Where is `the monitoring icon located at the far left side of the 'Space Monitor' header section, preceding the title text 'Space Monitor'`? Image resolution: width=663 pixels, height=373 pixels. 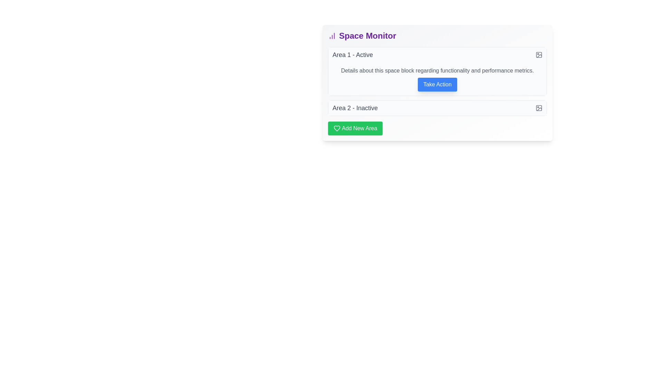 the monitoring icon located at the far left side of the 'Space Monitor' header section, preceding the title text 'Space Monitor' is located at coordinates (332, 36).